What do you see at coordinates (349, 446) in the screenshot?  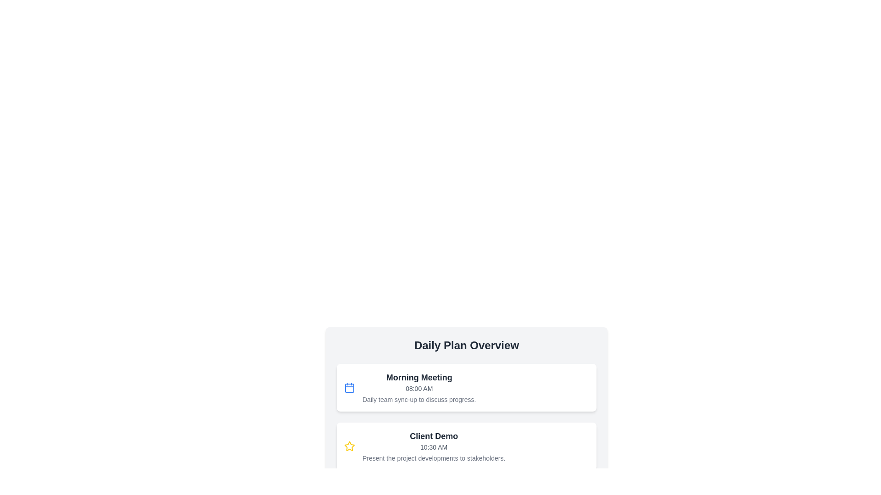 I see `the important status icon located in the top-left corner of the 'Client Demo' graphical block, which visually signifies a key aspect of the event` at bounding box center [349, 446].